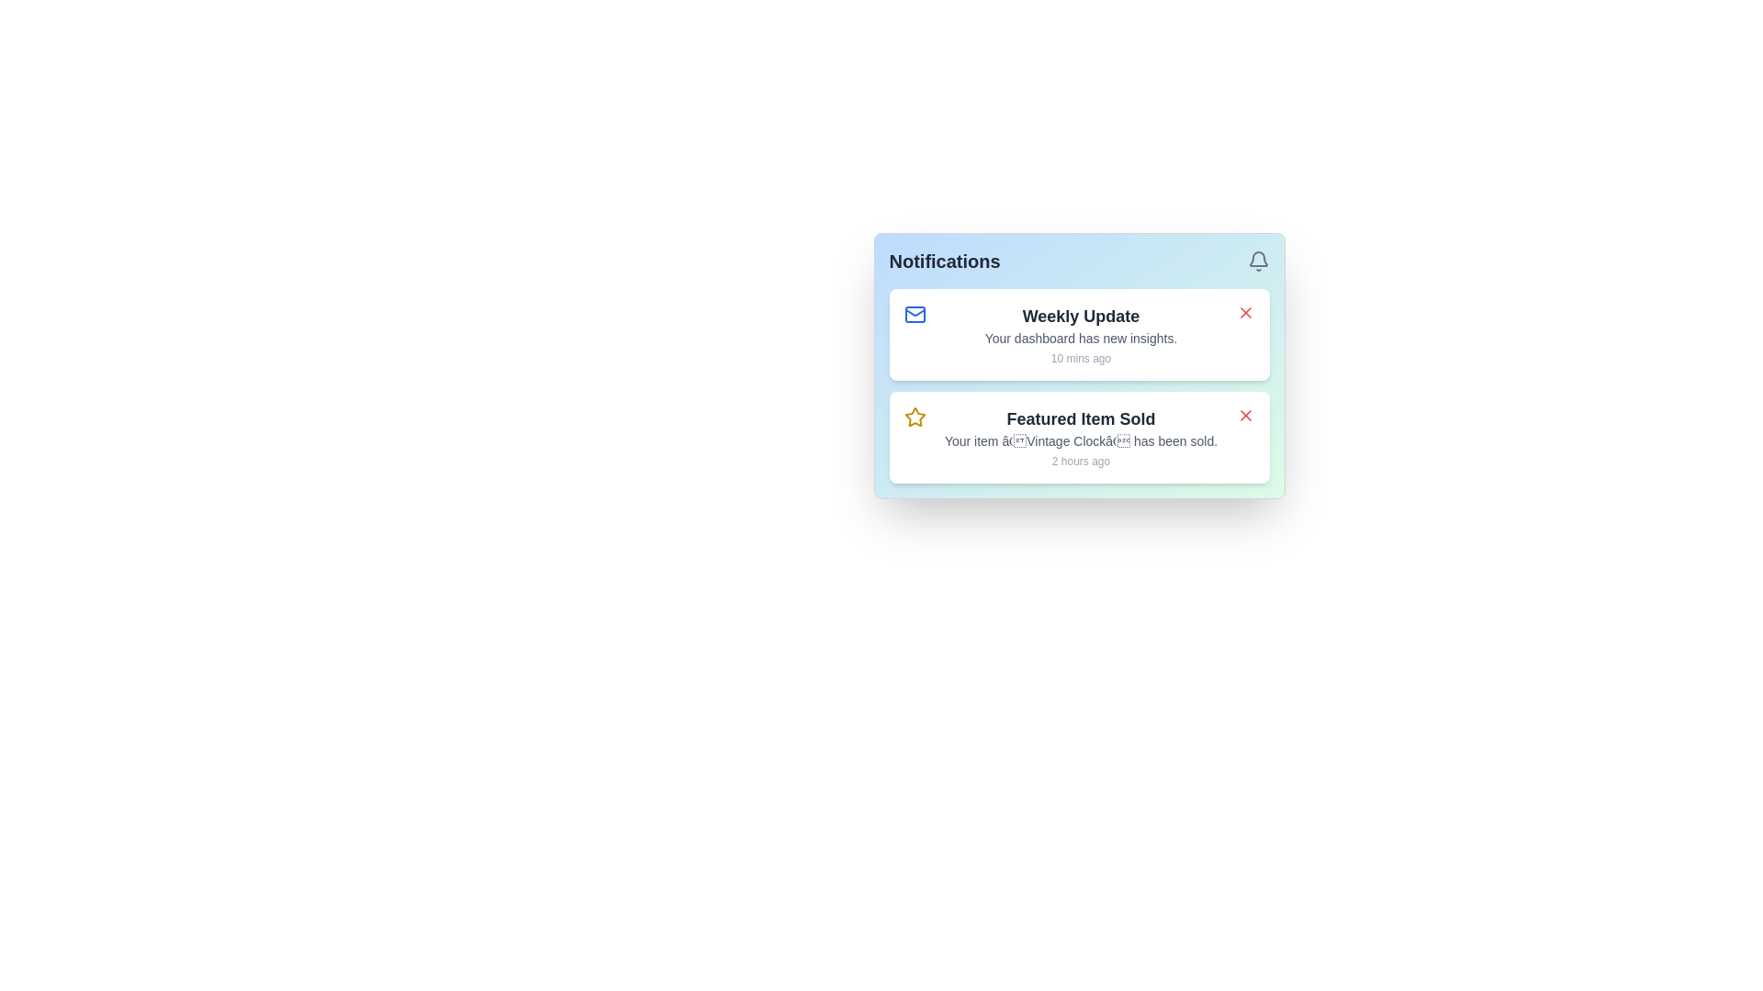  Describe the element at coordinates (915, 417) in the screenshot. I see `the yellowish star-shaped vector icon located to the left of the 'Featured Item Sold' notification message to interact with it` at that location.